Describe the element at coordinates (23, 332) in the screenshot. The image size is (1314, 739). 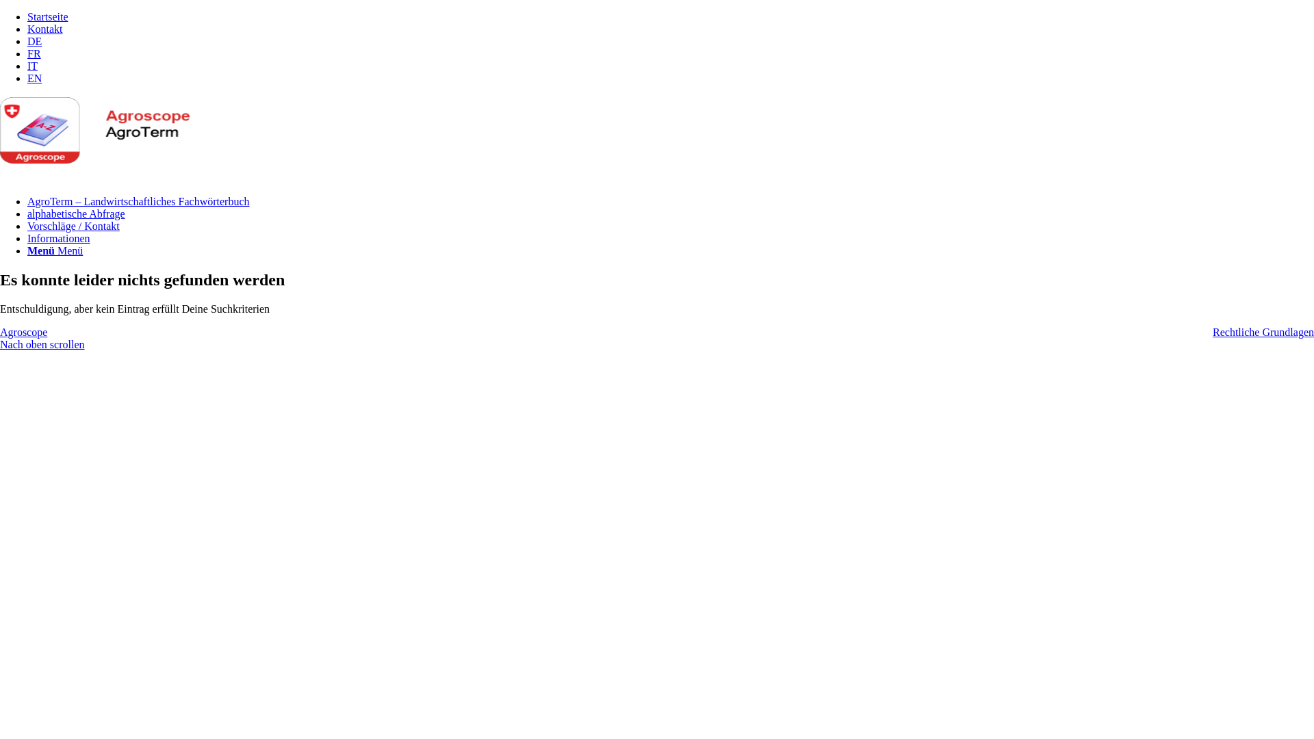
I see `'Agroscope'` at that location.